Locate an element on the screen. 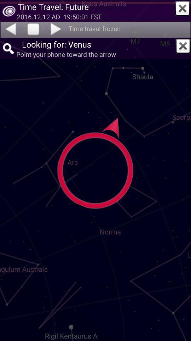 The height and width of the screenshot is (341, 191). the close icon is located at coordinates (183, 45).